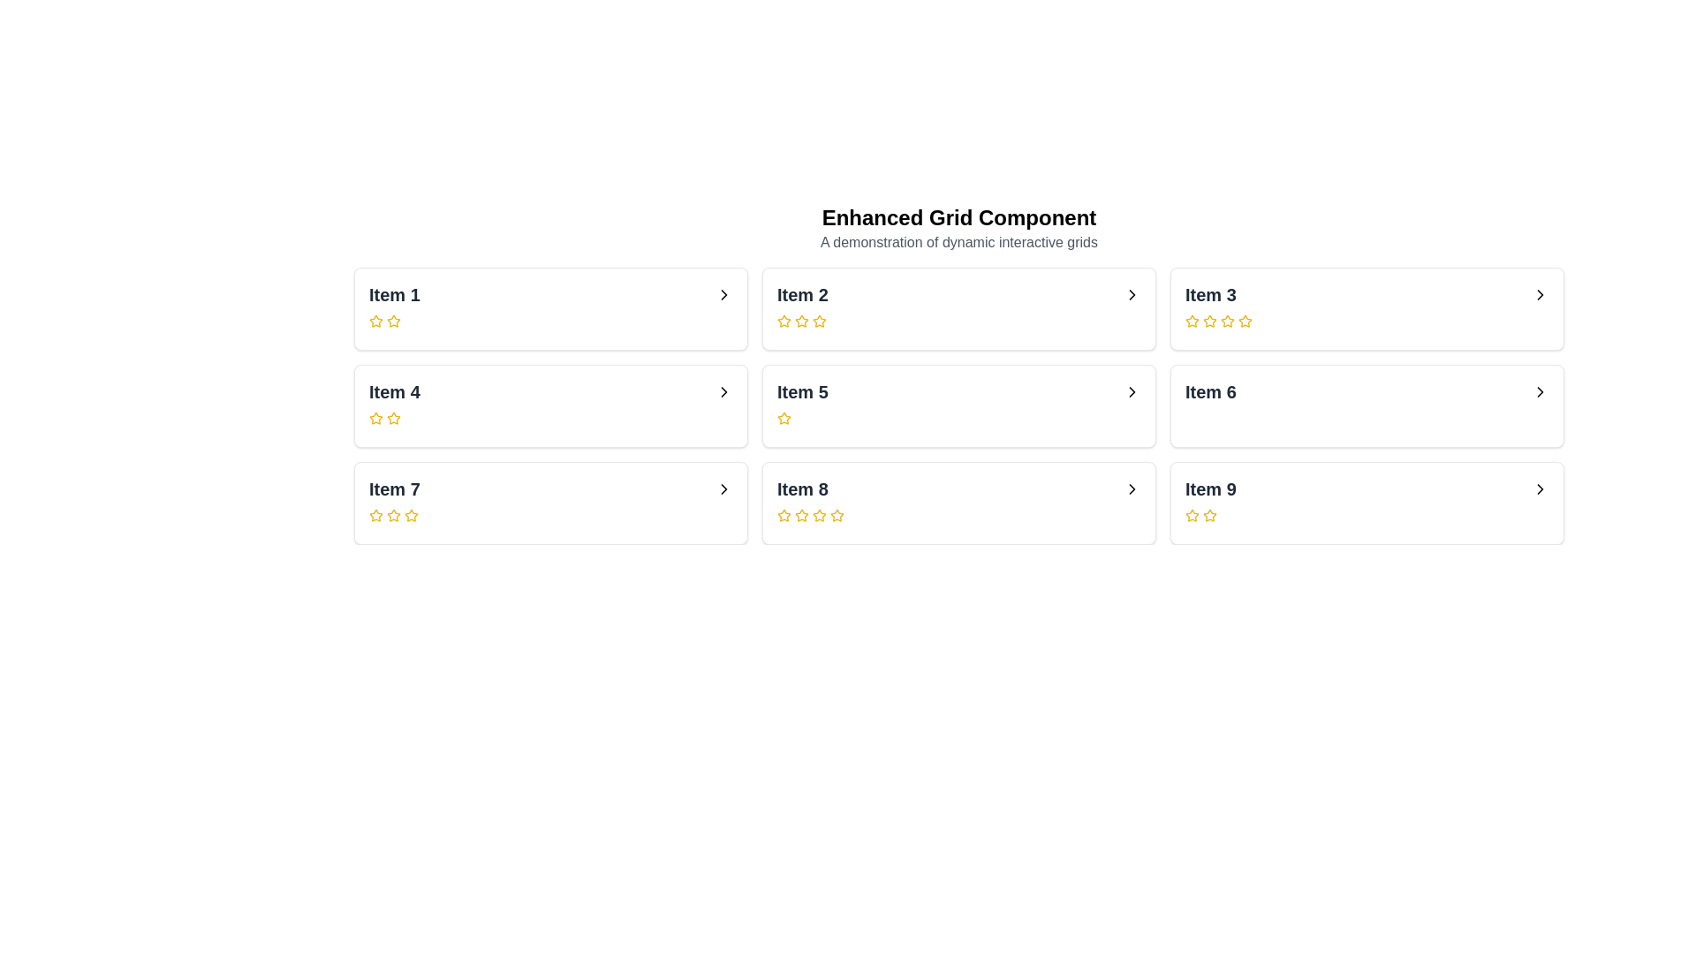  What do you see at coordinates (393, 489) in the screenshot?
I see `the text label that reads 'Item 7', which is styled with a bold font and dark gray color, located in the bottom left cell of the layout` at bounding box center [393, 489].